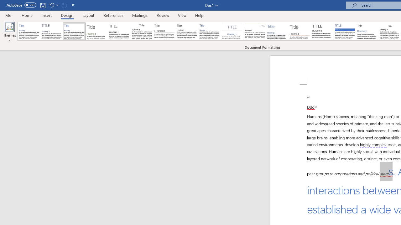  What do you see at coordinates (277, 31) in the screenshot?
I see `'Lines (Simple)'` at bounding box center [277, 31].